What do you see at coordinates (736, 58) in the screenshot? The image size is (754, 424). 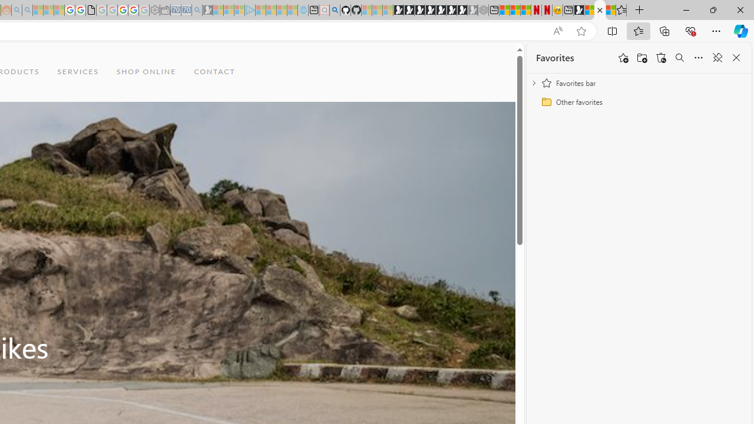 I see `'Close favorites'` at bounding box center [736, 58].